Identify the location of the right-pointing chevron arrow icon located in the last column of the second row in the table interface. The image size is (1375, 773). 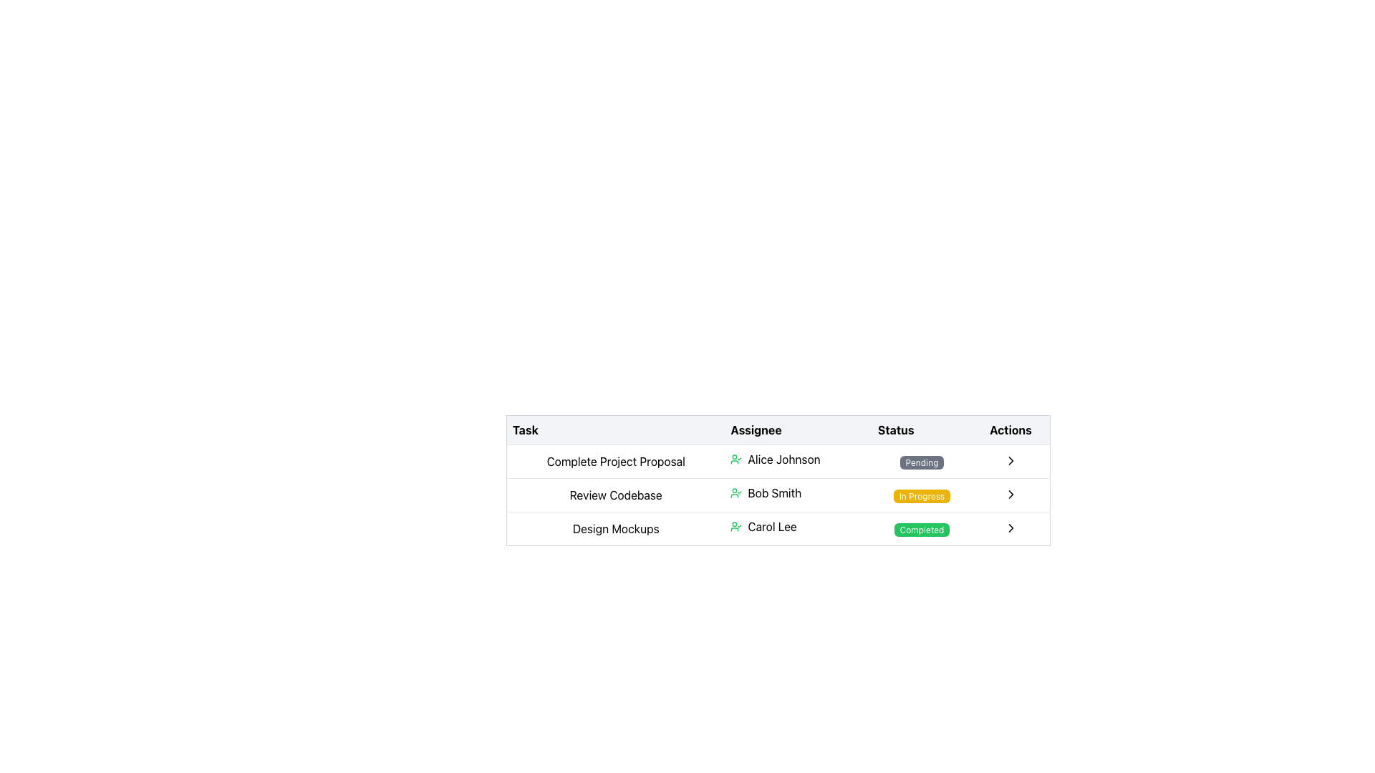
(1010, 528).